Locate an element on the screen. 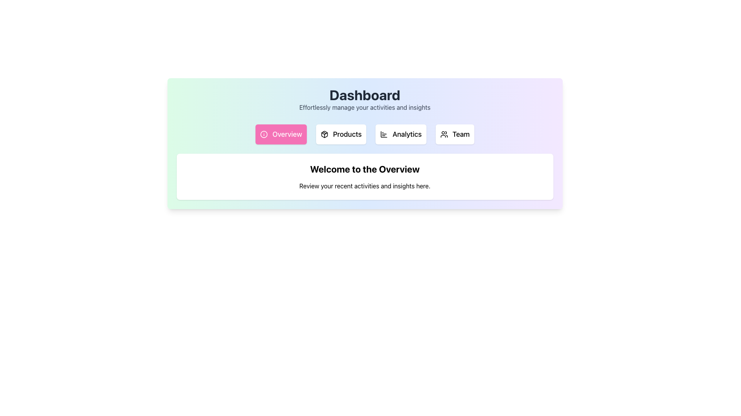 This screenshot has height=416, width=741. the circular pink icon representing information, located inside the 'Overview' button in the navigation bar is located at coordinates (264, 134).